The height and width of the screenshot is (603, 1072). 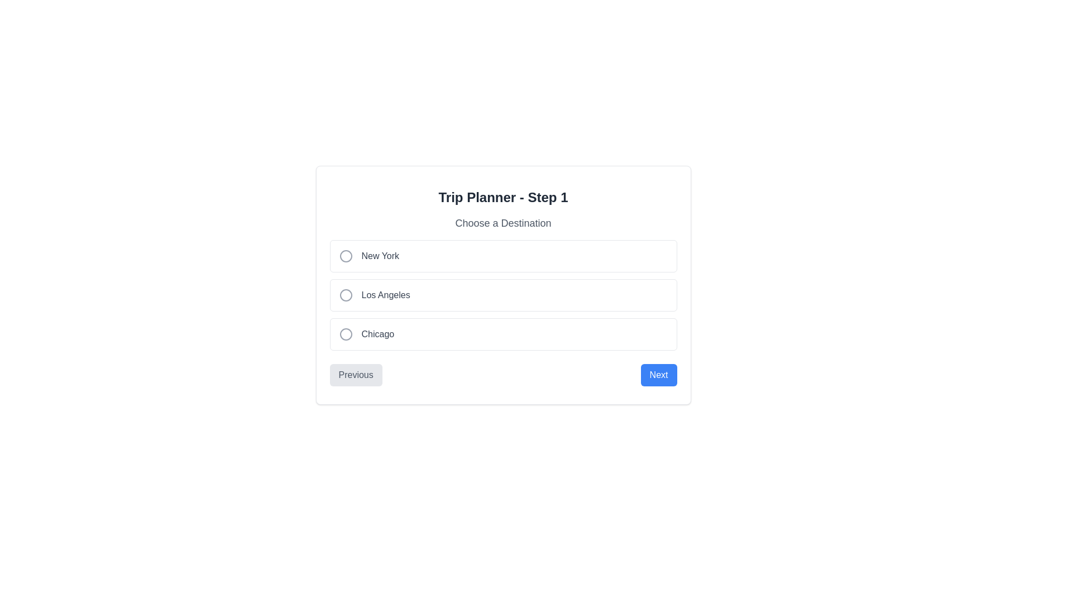 What do you see at coordinates (345, 256) in the screenshot?
I see `the circle representing the selected status of the 'New York' radio button option` at bounding box center [345, 256].